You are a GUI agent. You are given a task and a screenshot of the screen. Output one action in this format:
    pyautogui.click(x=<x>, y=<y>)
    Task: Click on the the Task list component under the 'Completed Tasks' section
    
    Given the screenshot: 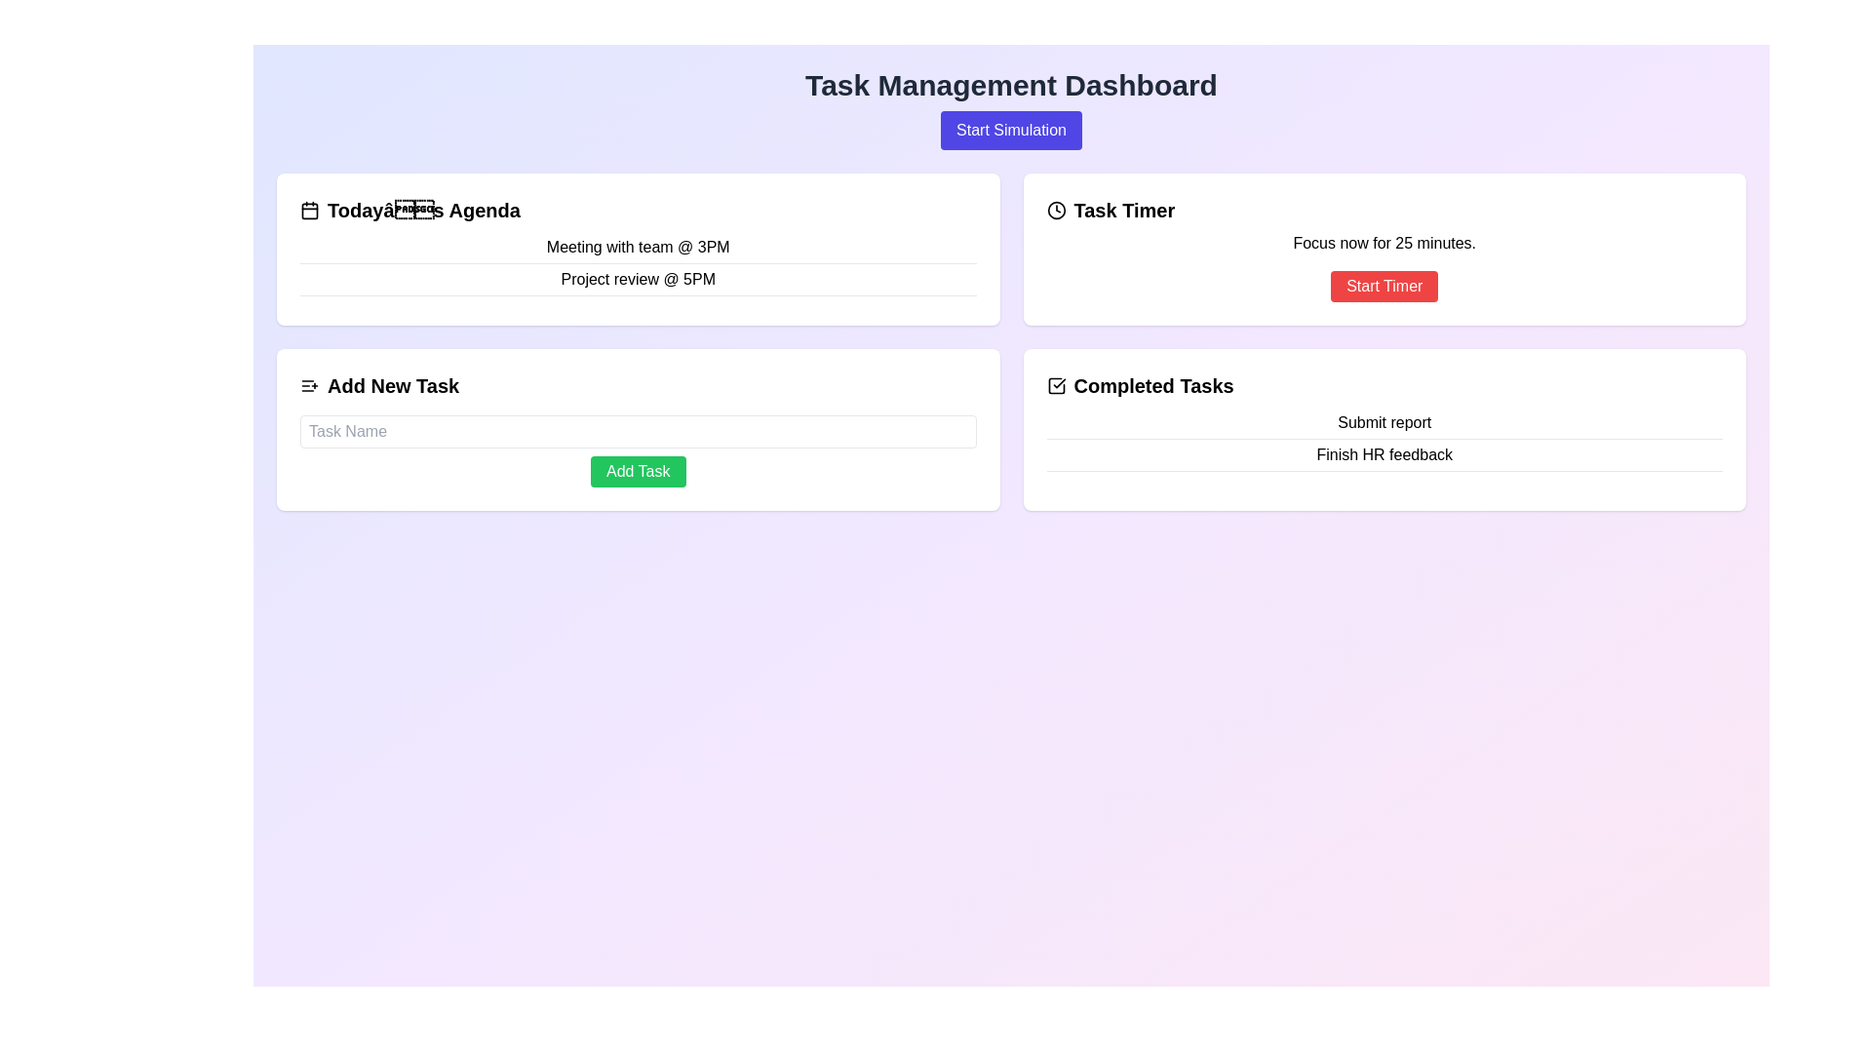 What is the action you would take?
    pyautogui.click(x=1384, y=440)
    